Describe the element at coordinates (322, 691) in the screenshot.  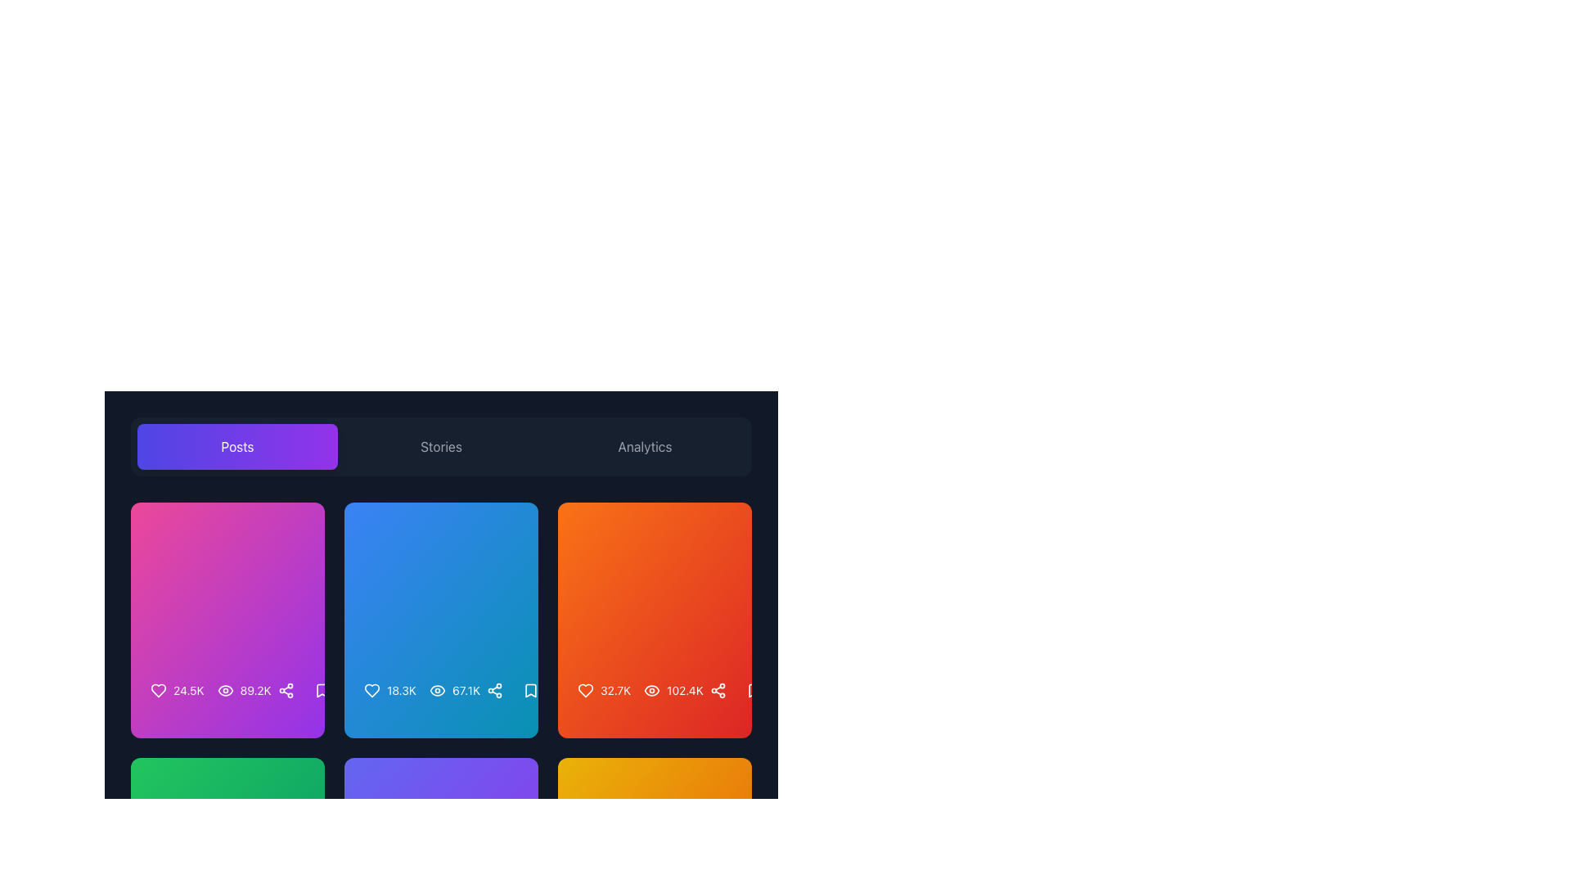
I see `the bookmark icon located in the bottom-right corner of the purple gradient card in the top-left section of the grid layout` at that location.